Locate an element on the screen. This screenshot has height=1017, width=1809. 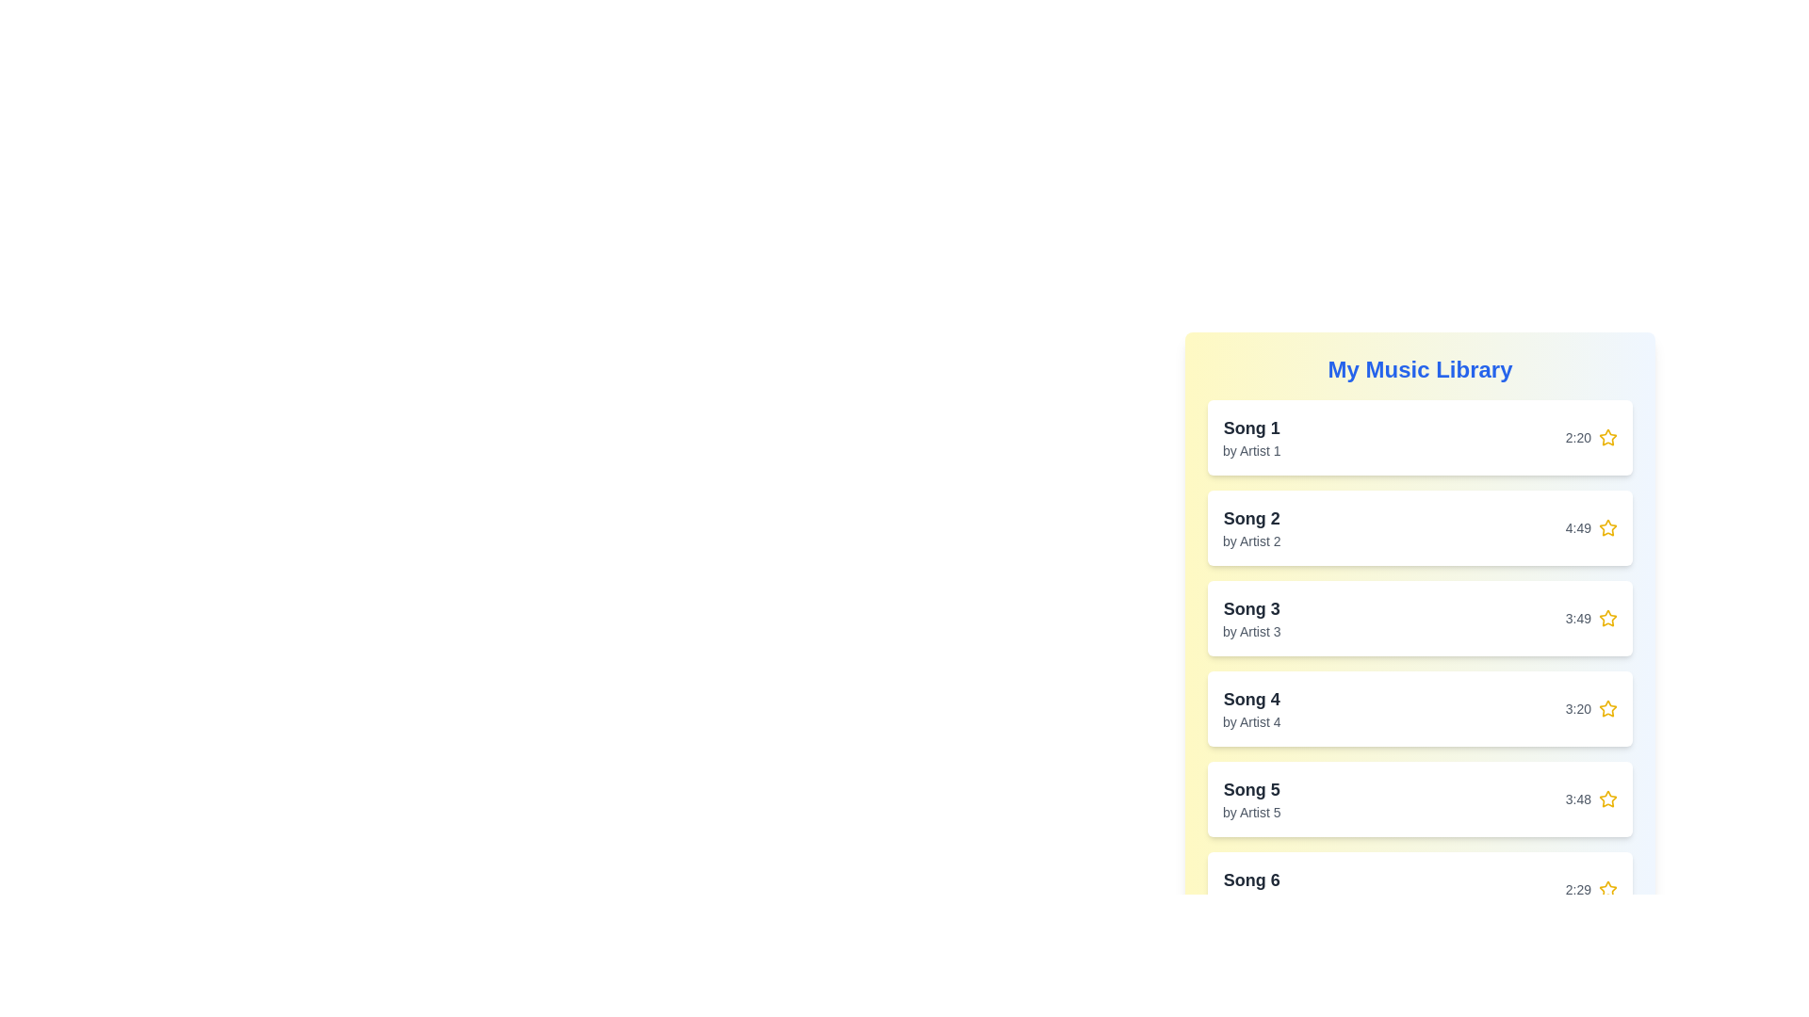
the text label displaying the duration or time information located in the middle right-hand region of the second card, to the left of the star icon is located at coordinates (1578, 527).